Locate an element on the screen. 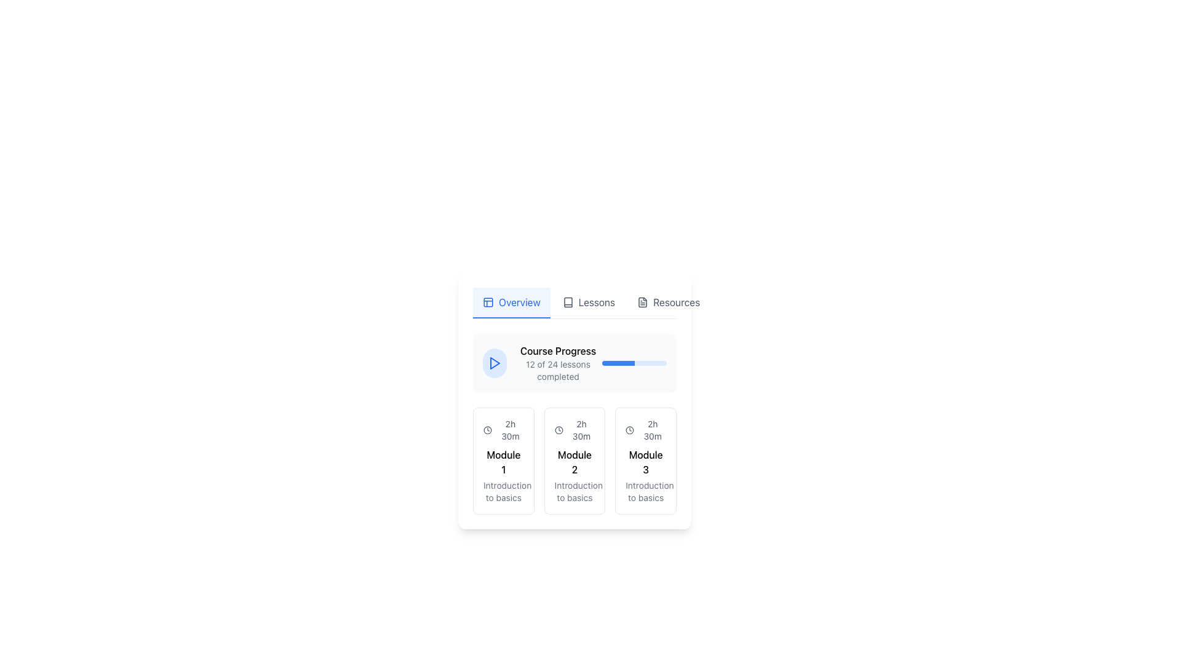 Image resolution: width=1181 pixels, height=664 pixels. the small circular clock icon located in the upper left corner of the text block displaying '2h 30m', situated above the 'Module 2' card is located at coordinates (558, 429).